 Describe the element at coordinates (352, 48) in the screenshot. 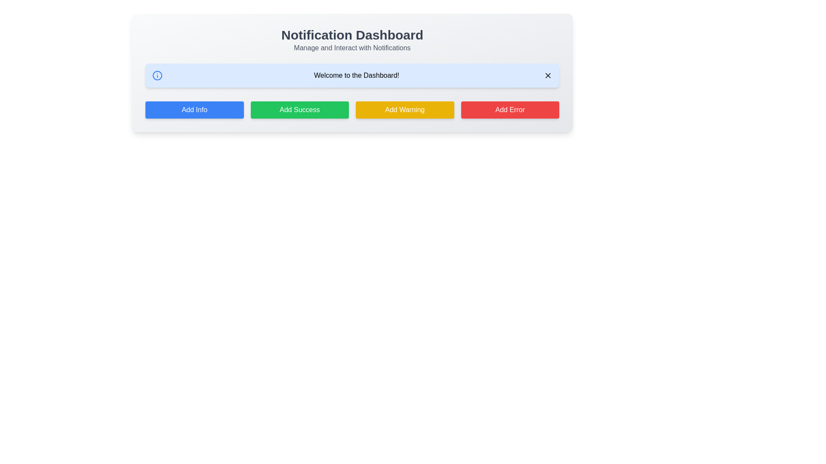

I see `the text label that says 'Manage and Interact with Notifications', which is styled in a lighter gray color and positioned directly below the 'Notification Dashboard' title` at that location.